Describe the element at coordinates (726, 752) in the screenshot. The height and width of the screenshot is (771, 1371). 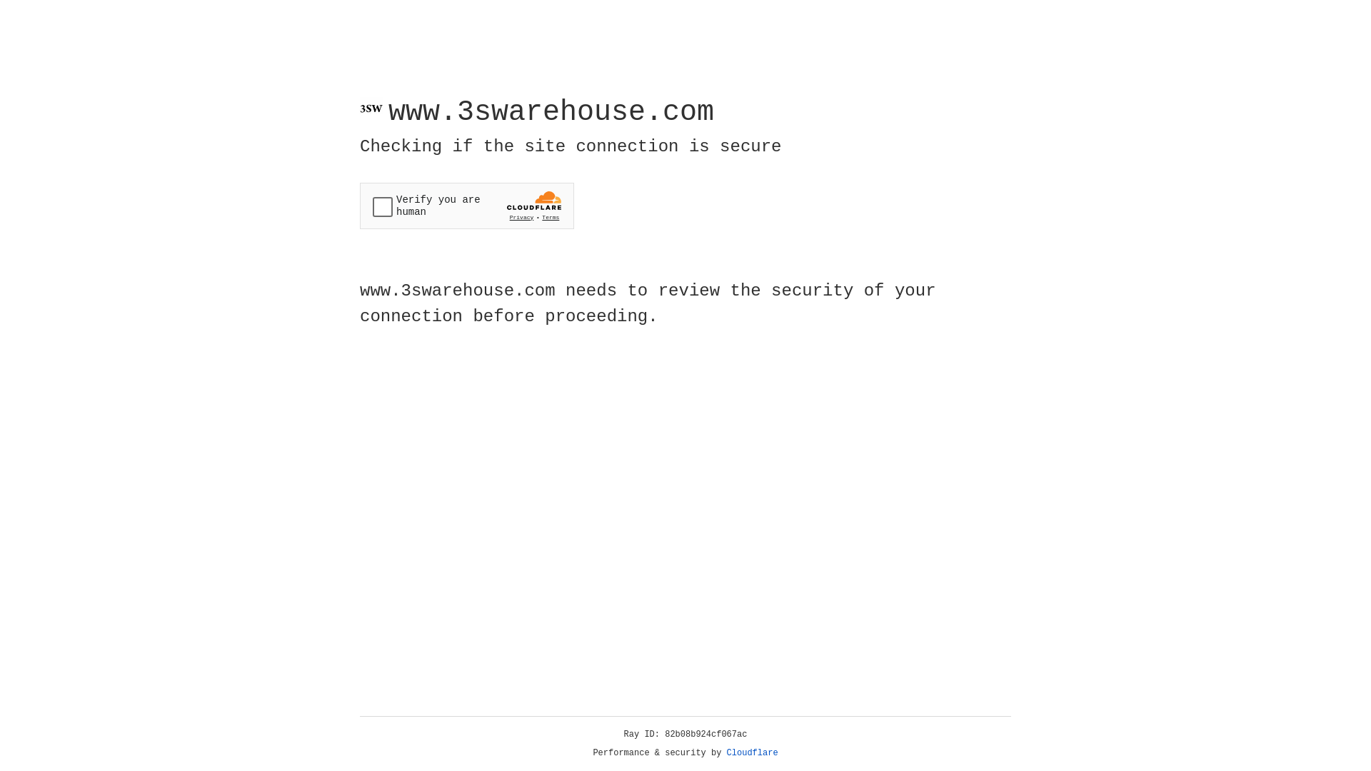
I see `'Cloudflare'` at that location.